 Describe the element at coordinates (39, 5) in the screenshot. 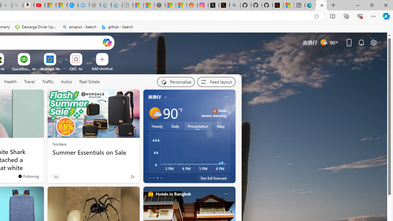

I see `'Day 1: Arriving in Yemen (surreal to be here) - YouTube'` at that location.